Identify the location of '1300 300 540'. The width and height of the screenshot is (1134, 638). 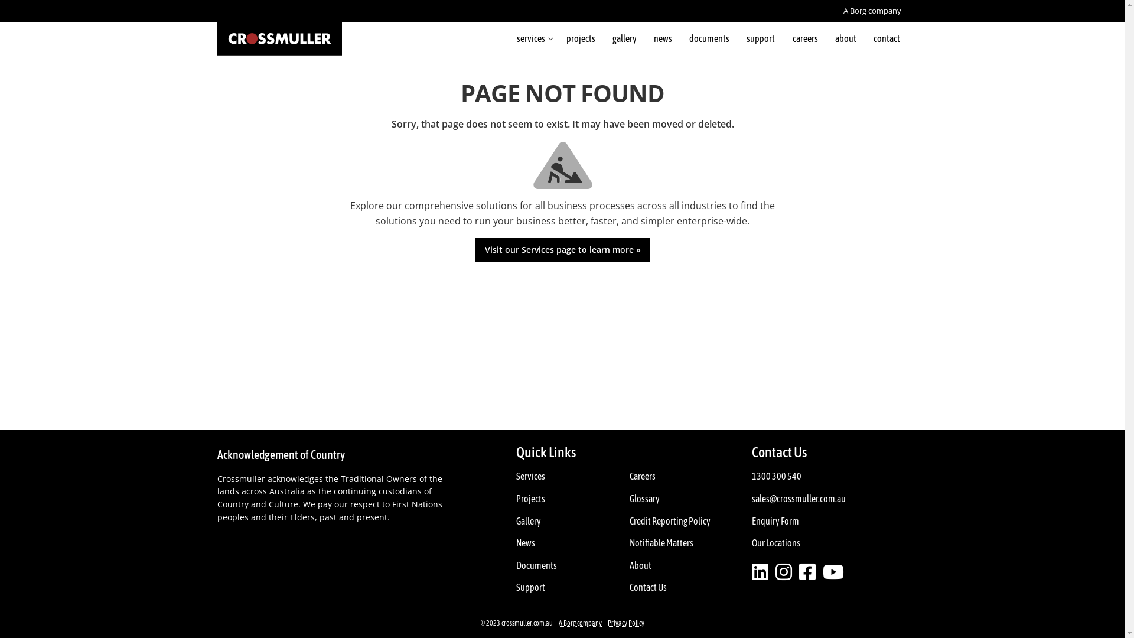
(748, 476).